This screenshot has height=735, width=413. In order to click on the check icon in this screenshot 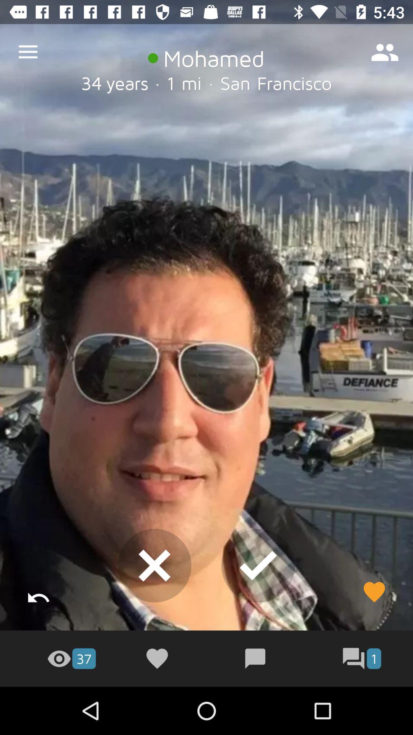, I will do `click(258, 565)`.